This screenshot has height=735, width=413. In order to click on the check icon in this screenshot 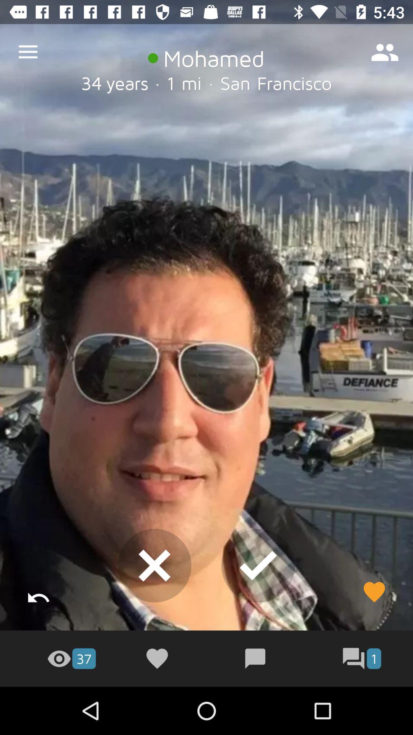, I will do `click(258, 565)`.